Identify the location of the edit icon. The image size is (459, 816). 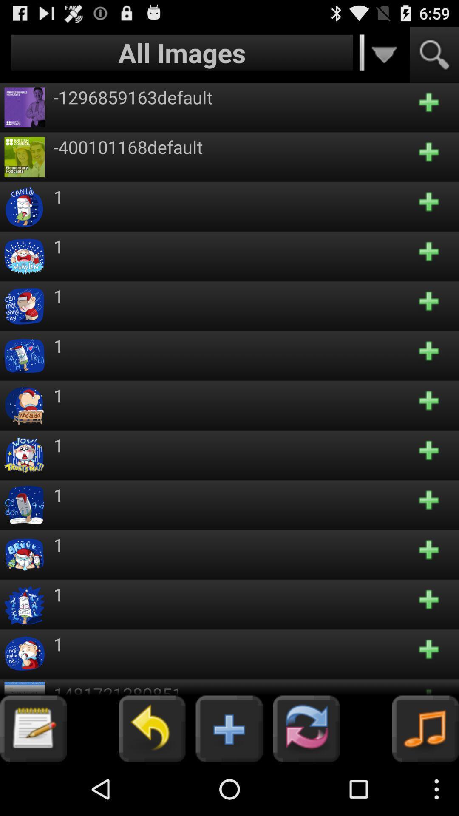
(33, 780).